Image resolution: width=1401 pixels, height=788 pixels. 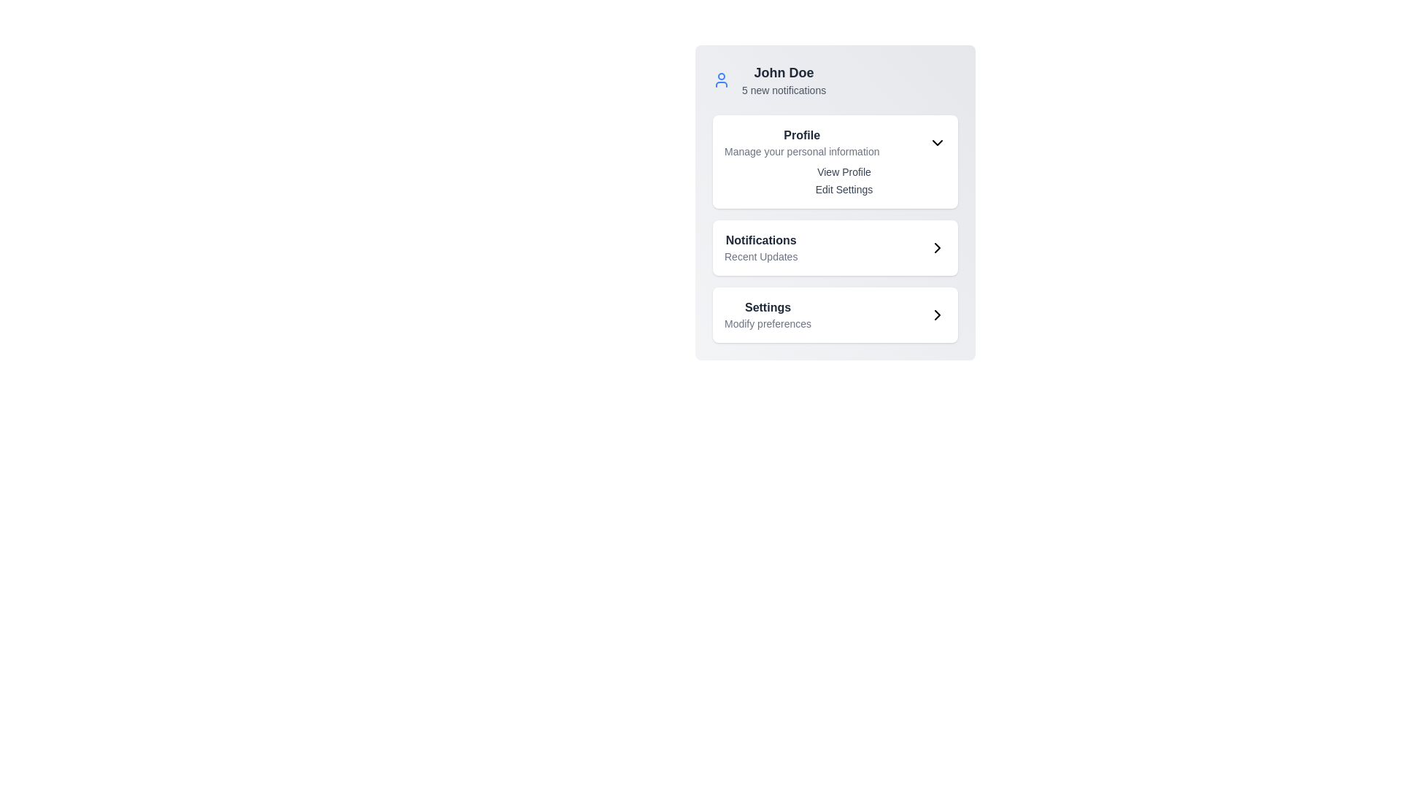 I want to click on the text label indicating the subject or category of the section located at the top of the dropdown menu, so click(x=801, y=135).